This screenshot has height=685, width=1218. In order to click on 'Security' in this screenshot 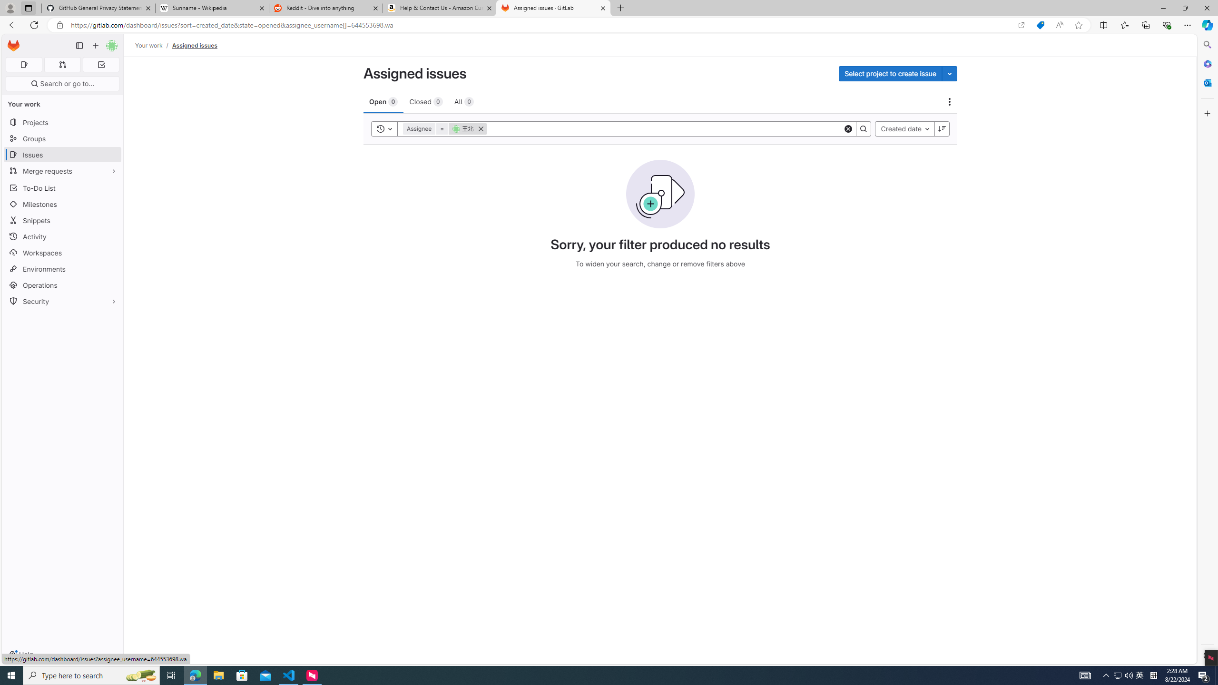, I will do `click(62, 300)`.